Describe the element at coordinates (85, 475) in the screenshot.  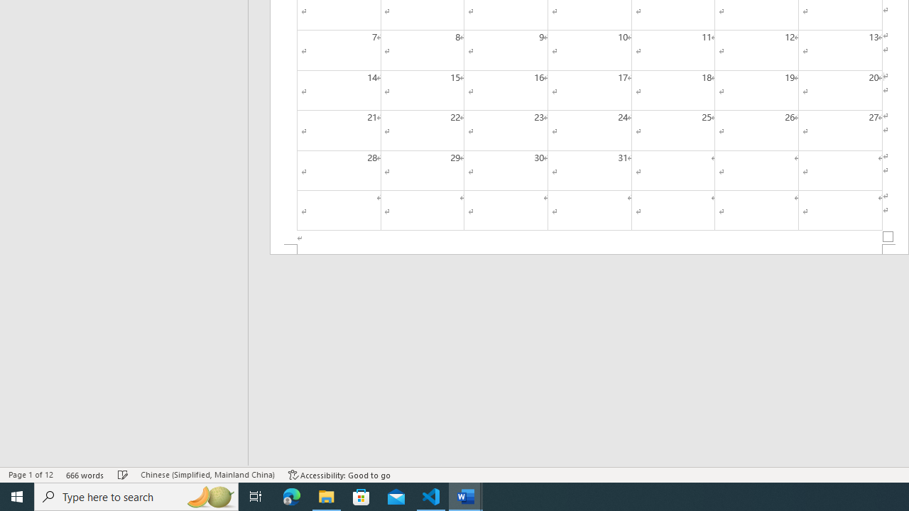
I see `'Word Count 666 words'` at that location.